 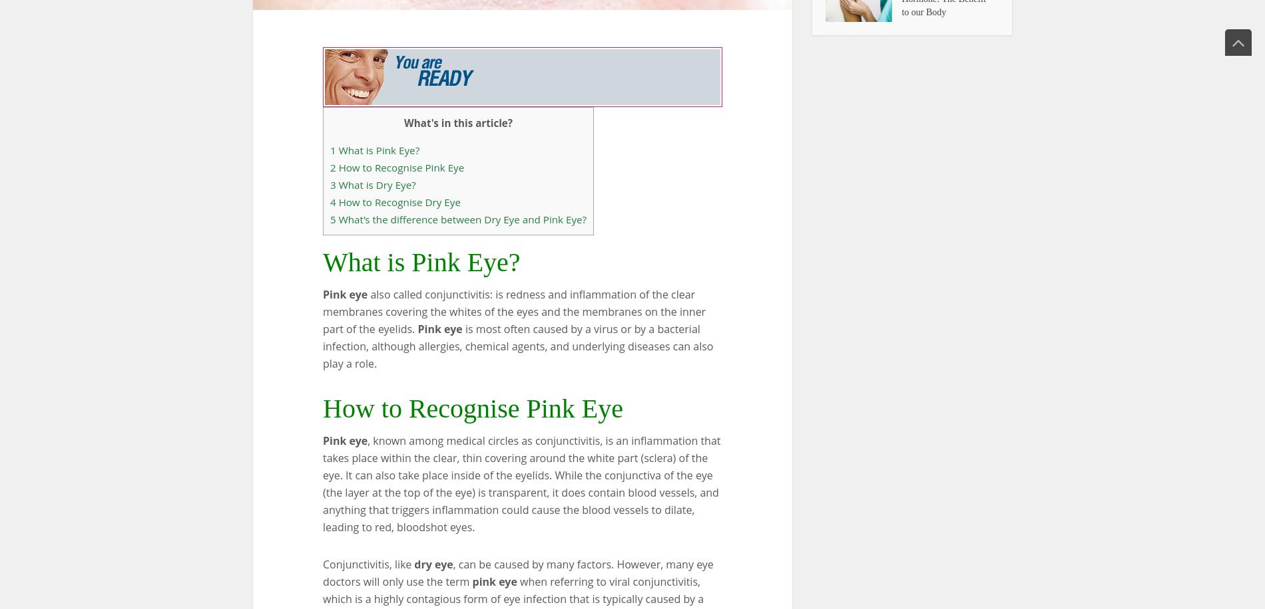 What do you see at coordinates (336, 219) in the screenshot?
I see `'What’s the difference between Dry Eye and Pink Eye?'` at bounding box center [336, 219].